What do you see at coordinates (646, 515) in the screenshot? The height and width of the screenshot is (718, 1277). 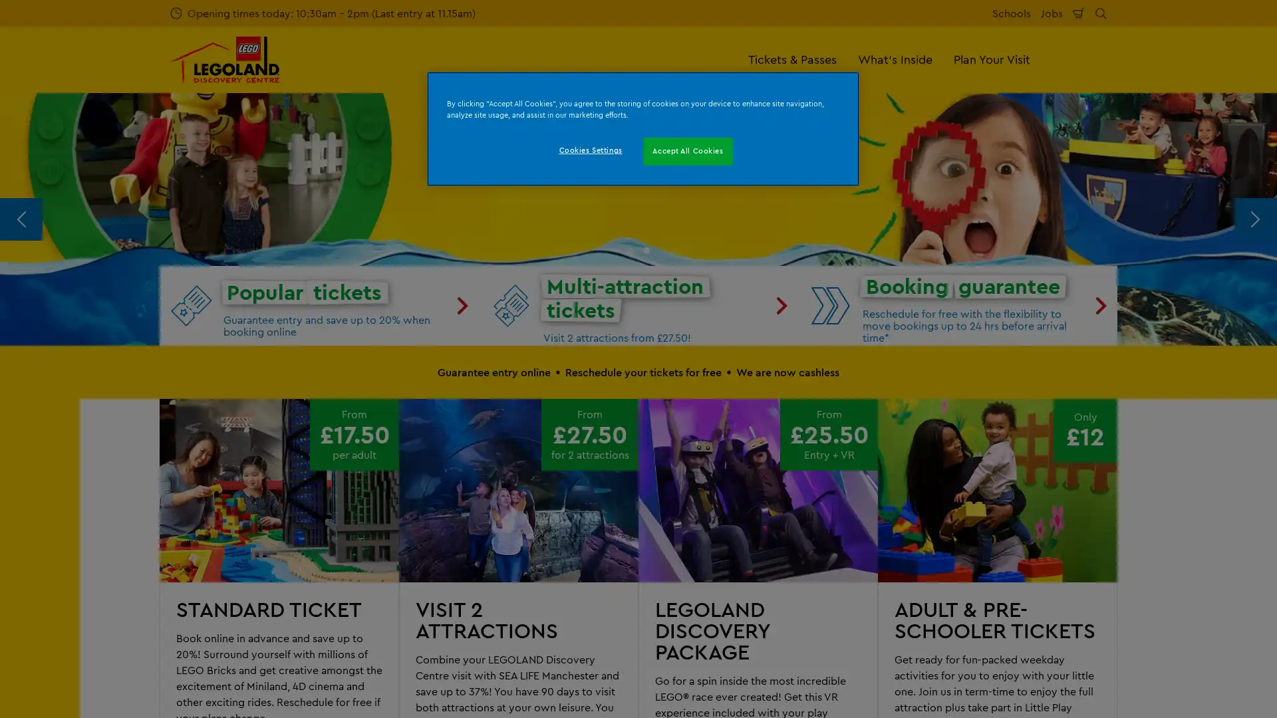 I see `Go to slide 2` at bounding box center [646, 515].